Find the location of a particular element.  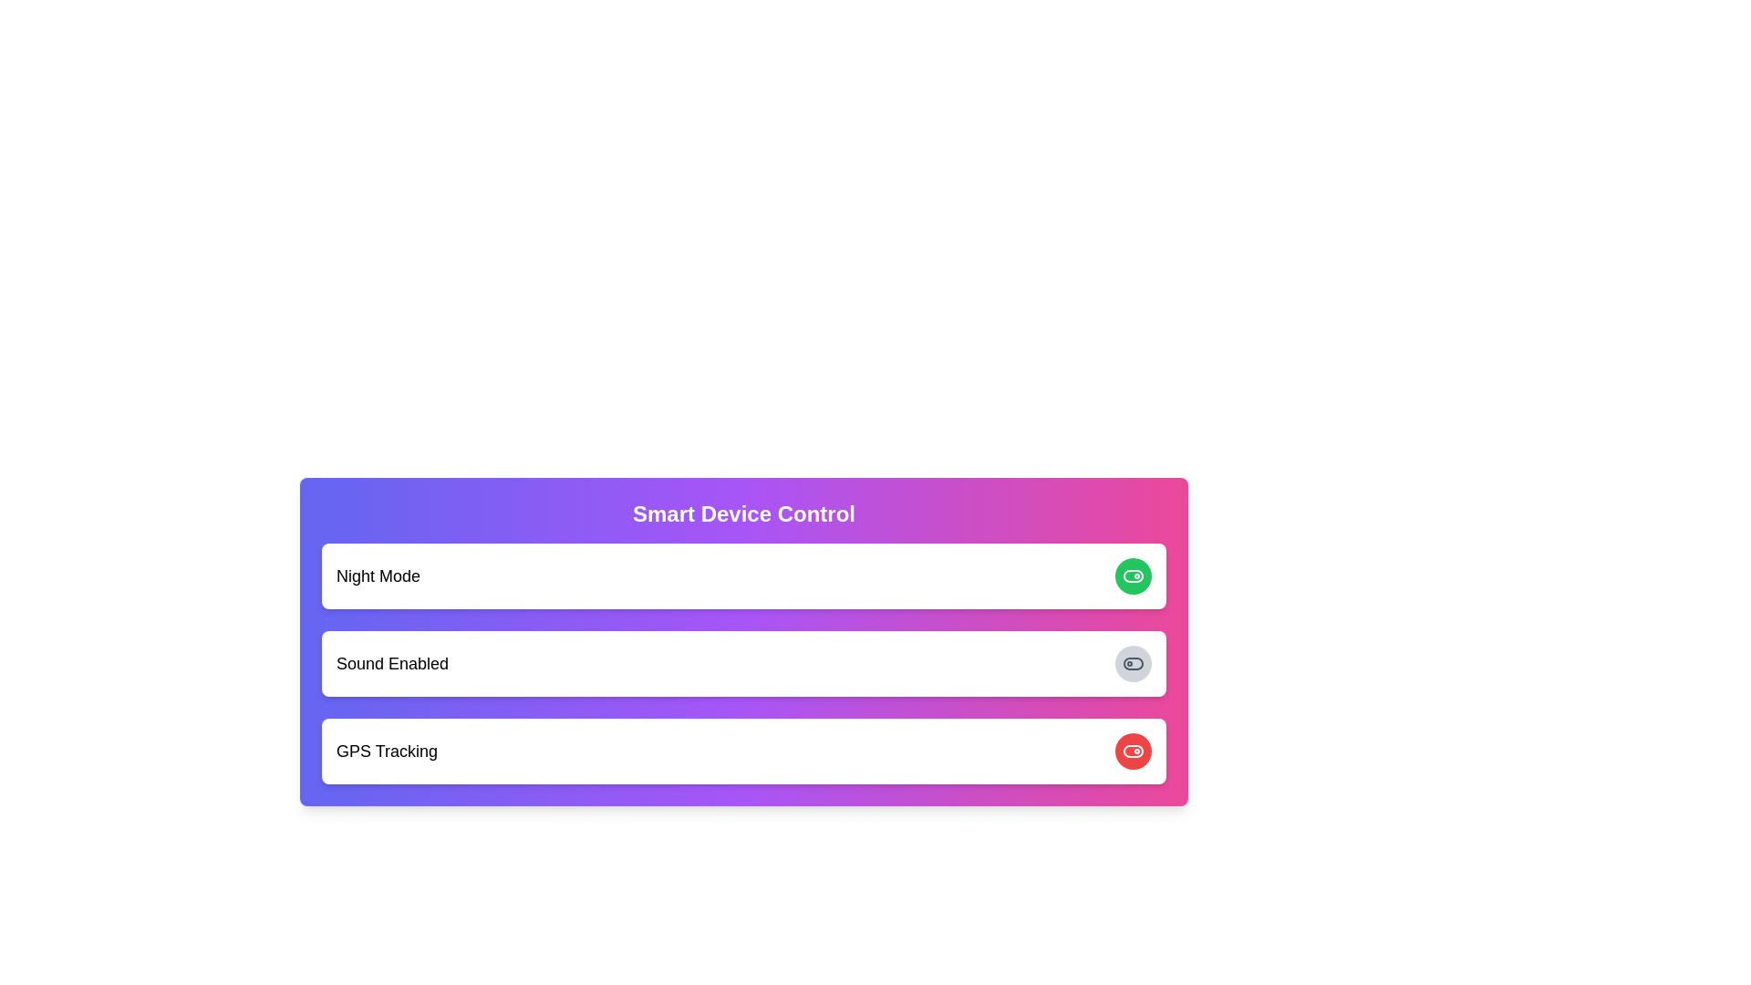

the Text Label that serves as a title for managing GPS tracking, which is positioned to the left of a red circular button is located at coordinates (386, 752).